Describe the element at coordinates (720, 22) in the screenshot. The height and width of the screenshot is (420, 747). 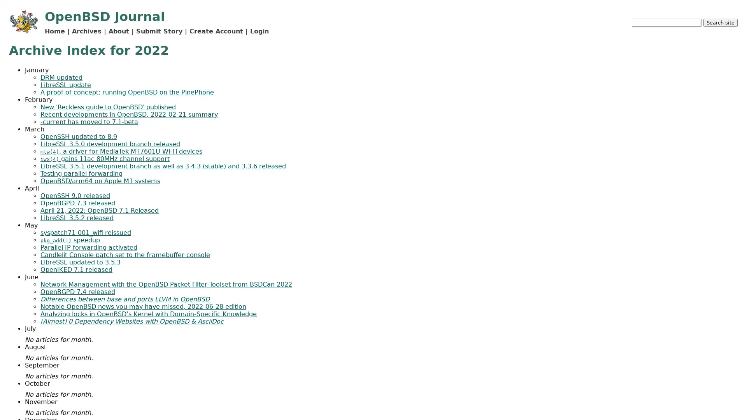
I see `Search site` at that location.